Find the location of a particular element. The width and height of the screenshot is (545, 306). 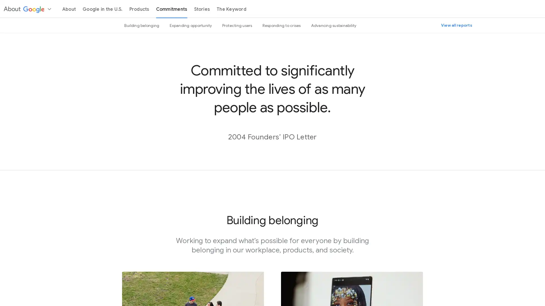

Building belonging is located at coordinates (142, 25).